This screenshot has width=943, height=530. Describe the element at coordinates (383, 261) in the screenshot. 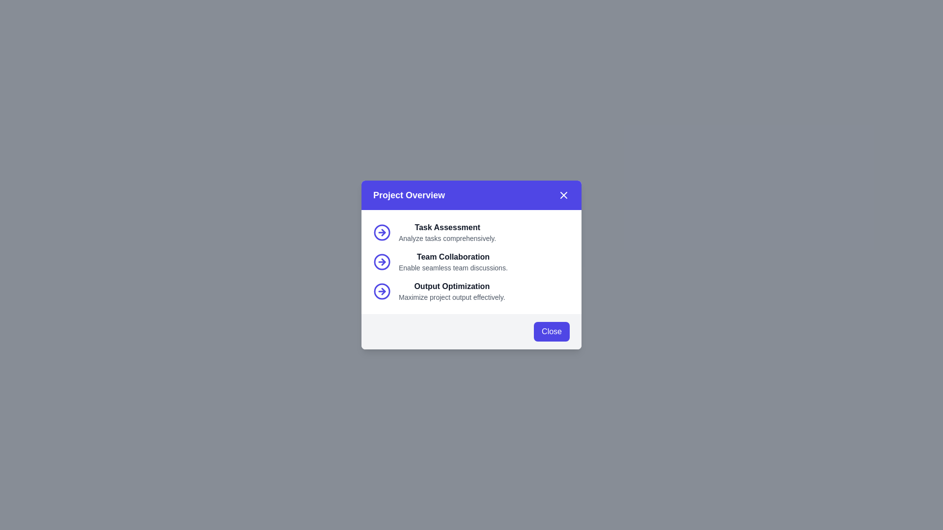

I see `the rightward-facing arrow icon, which is the third circular icon in a vertical sequence, located adjacent to the 'Output Optimization' label` at that location.